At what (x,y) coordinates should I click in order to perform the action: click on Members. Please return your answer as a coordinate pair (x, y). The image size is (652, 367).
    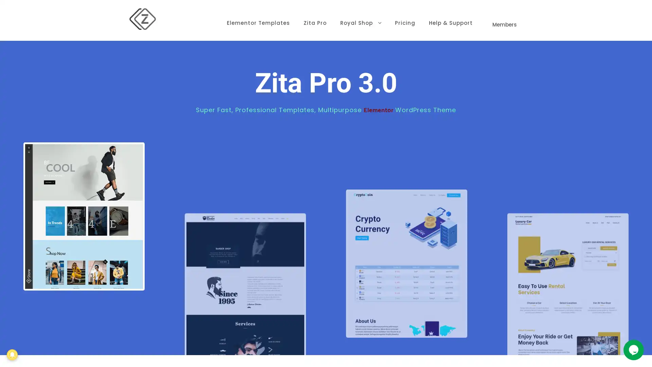
    Looking at the image, I should click on (503, 15).